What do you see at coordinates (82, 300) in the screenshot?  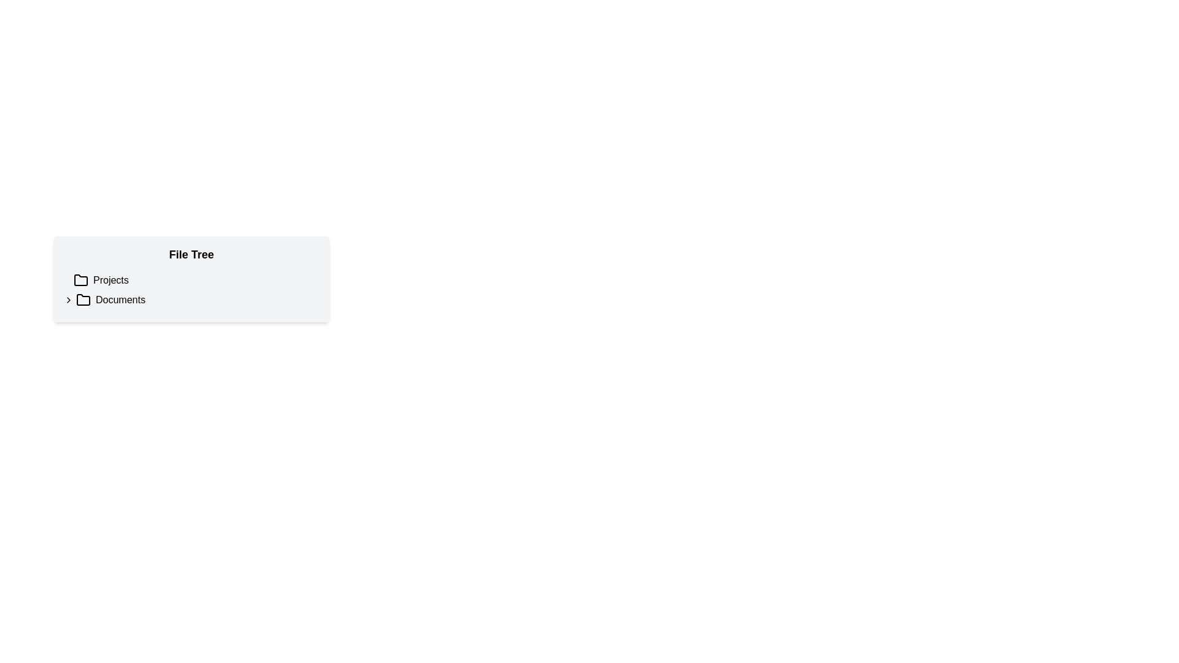 I see `the visual representation of the folder icon next to the 'Documents' label in the file tree` at bounding box center [82, 300].